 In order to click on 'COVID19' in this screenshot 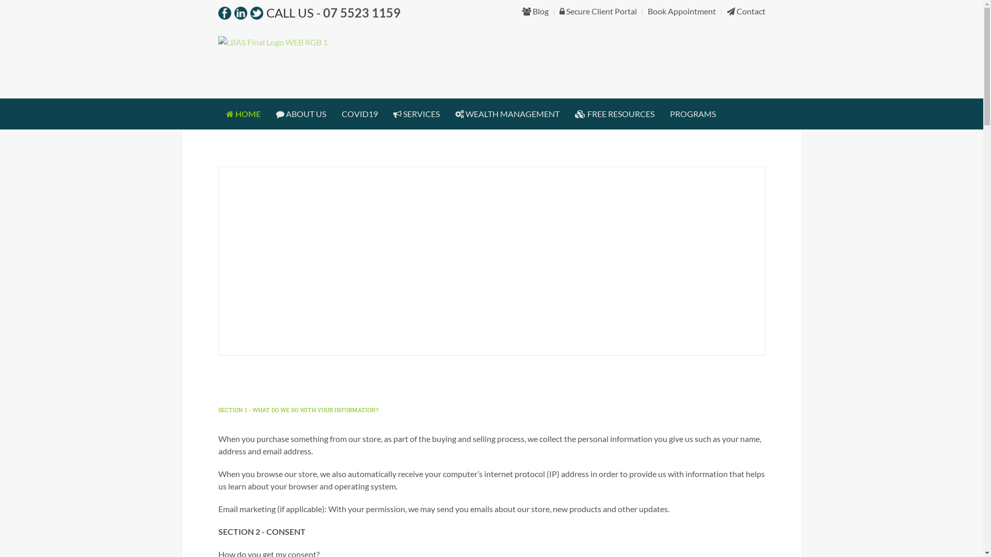, I will do `click(359, 113)`.